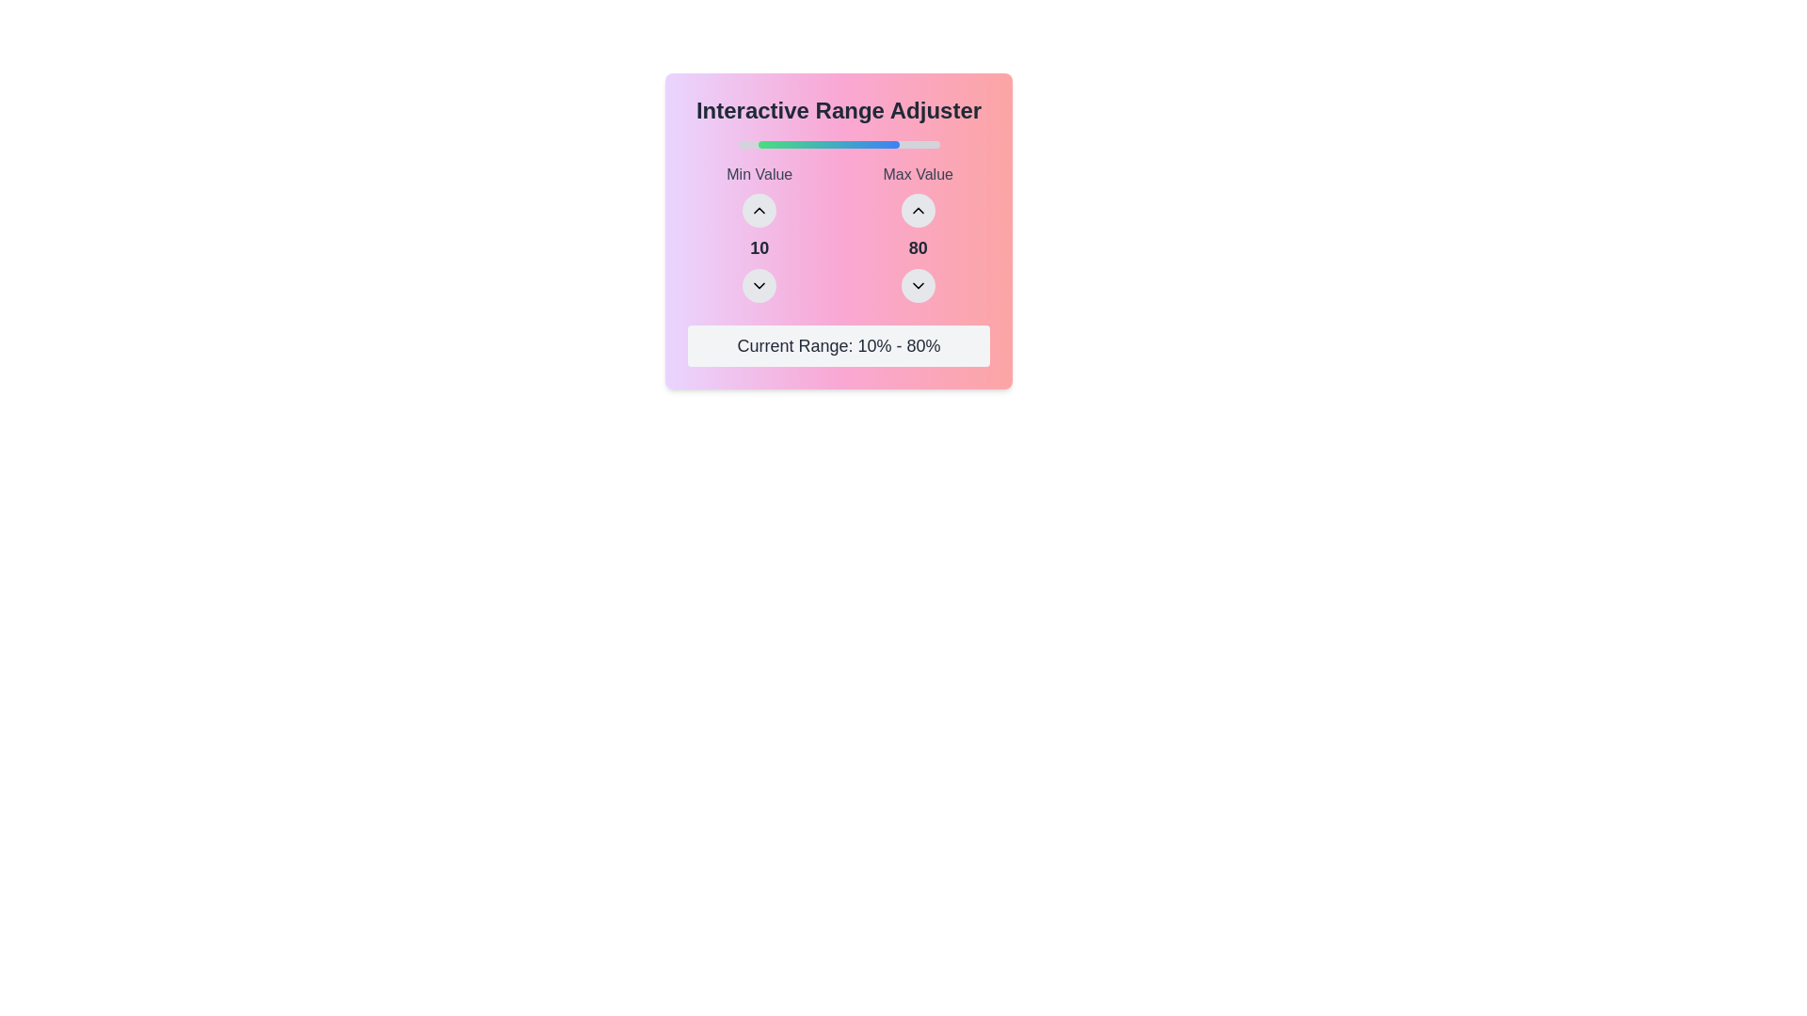  What do you see at coordinates (760, 210) in the screenshot?
I see `the increment icon within the circular button under the 'Min Value' label to increase the minimum value of the range adjuster` at bounding box center [760, 210].